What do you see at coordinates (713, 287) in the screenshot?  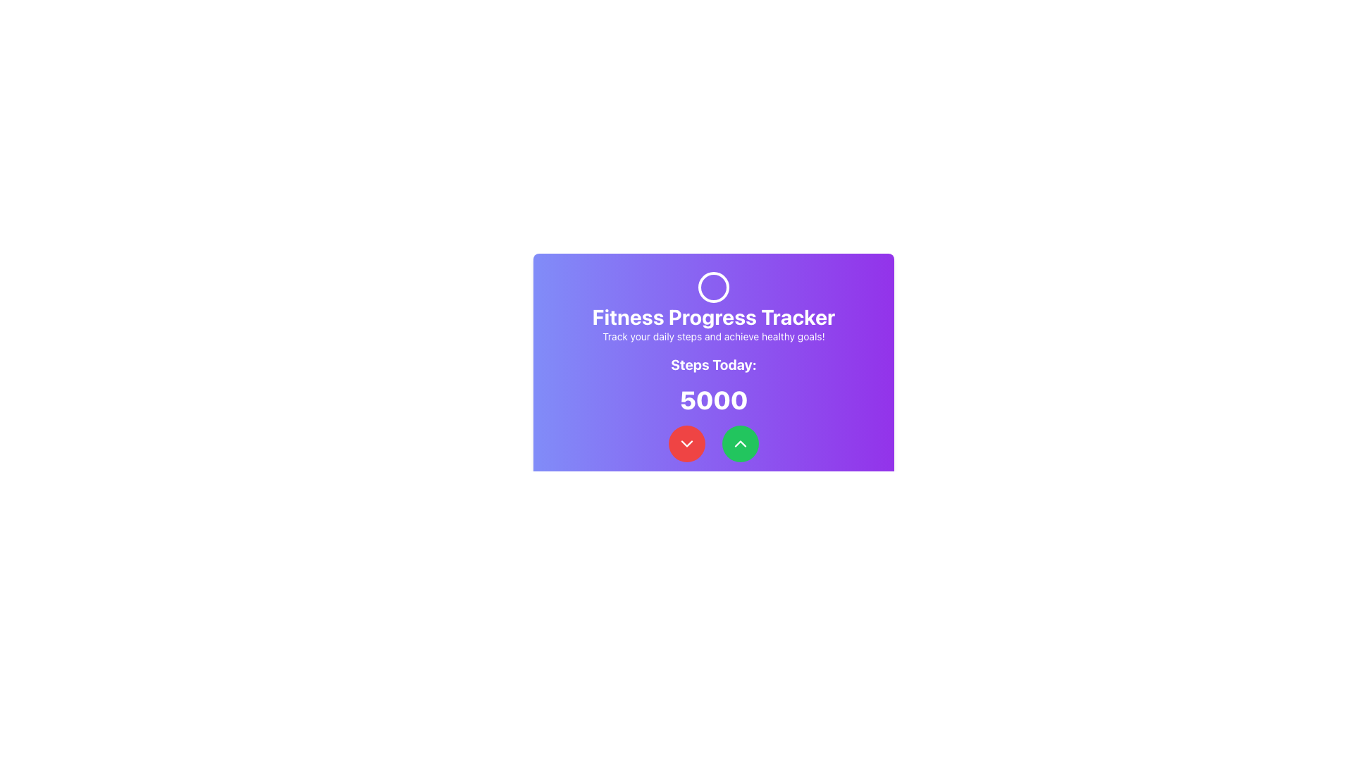 I see `the SVG Circle located at the top-center of the interface, which serves as a decorative or identifying part of the UI` at bounding box center [713, 287].